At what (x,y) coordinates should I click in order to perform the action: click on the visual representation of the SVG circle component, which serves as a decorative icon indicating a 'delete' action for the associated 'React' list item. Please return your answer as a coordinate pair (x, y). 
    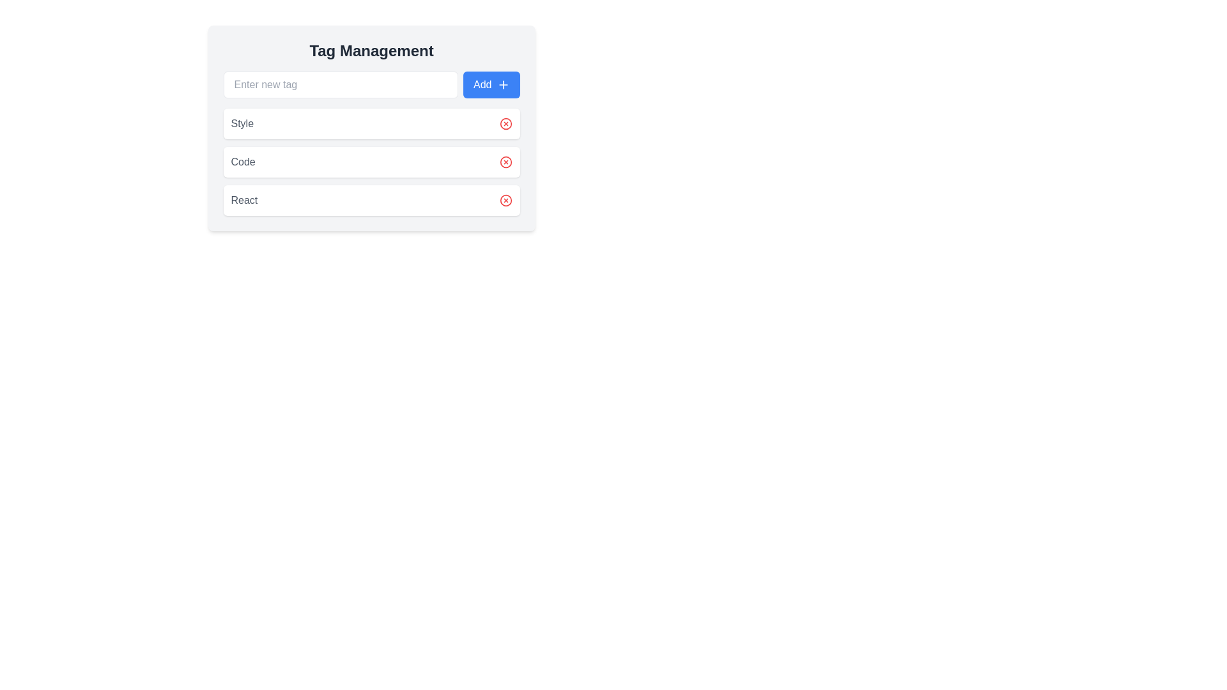
    Looking at the image, I should click on (505, 200).